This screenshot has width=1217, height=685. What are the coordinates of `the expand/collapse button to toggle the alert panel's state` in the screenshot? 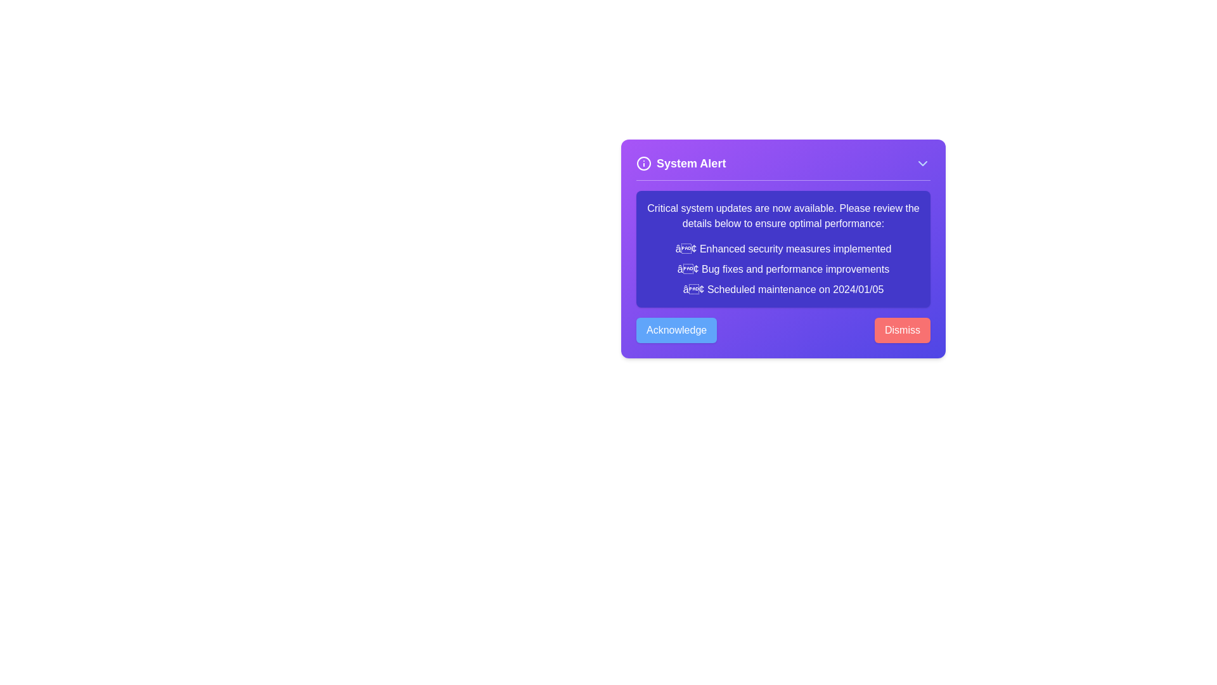 It's located at (922, 163).